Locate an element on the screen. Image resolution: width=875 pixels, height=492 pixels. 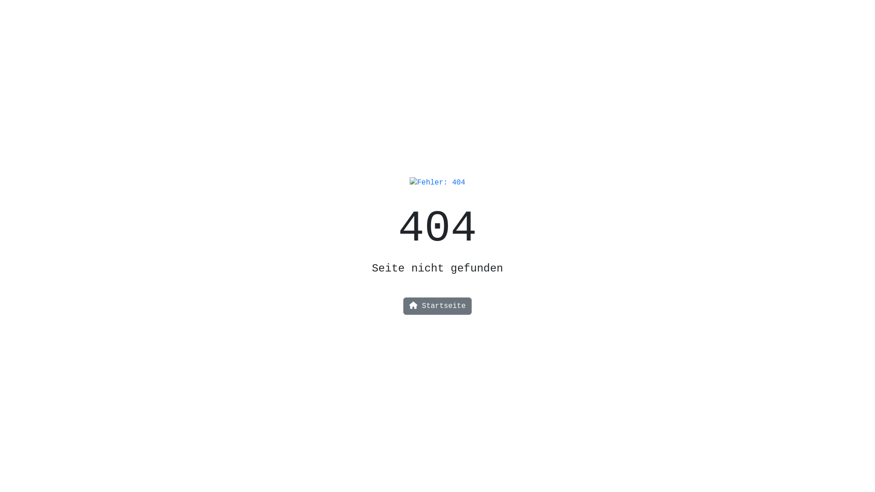
'Startseite' is located at coordinates (437, 306).